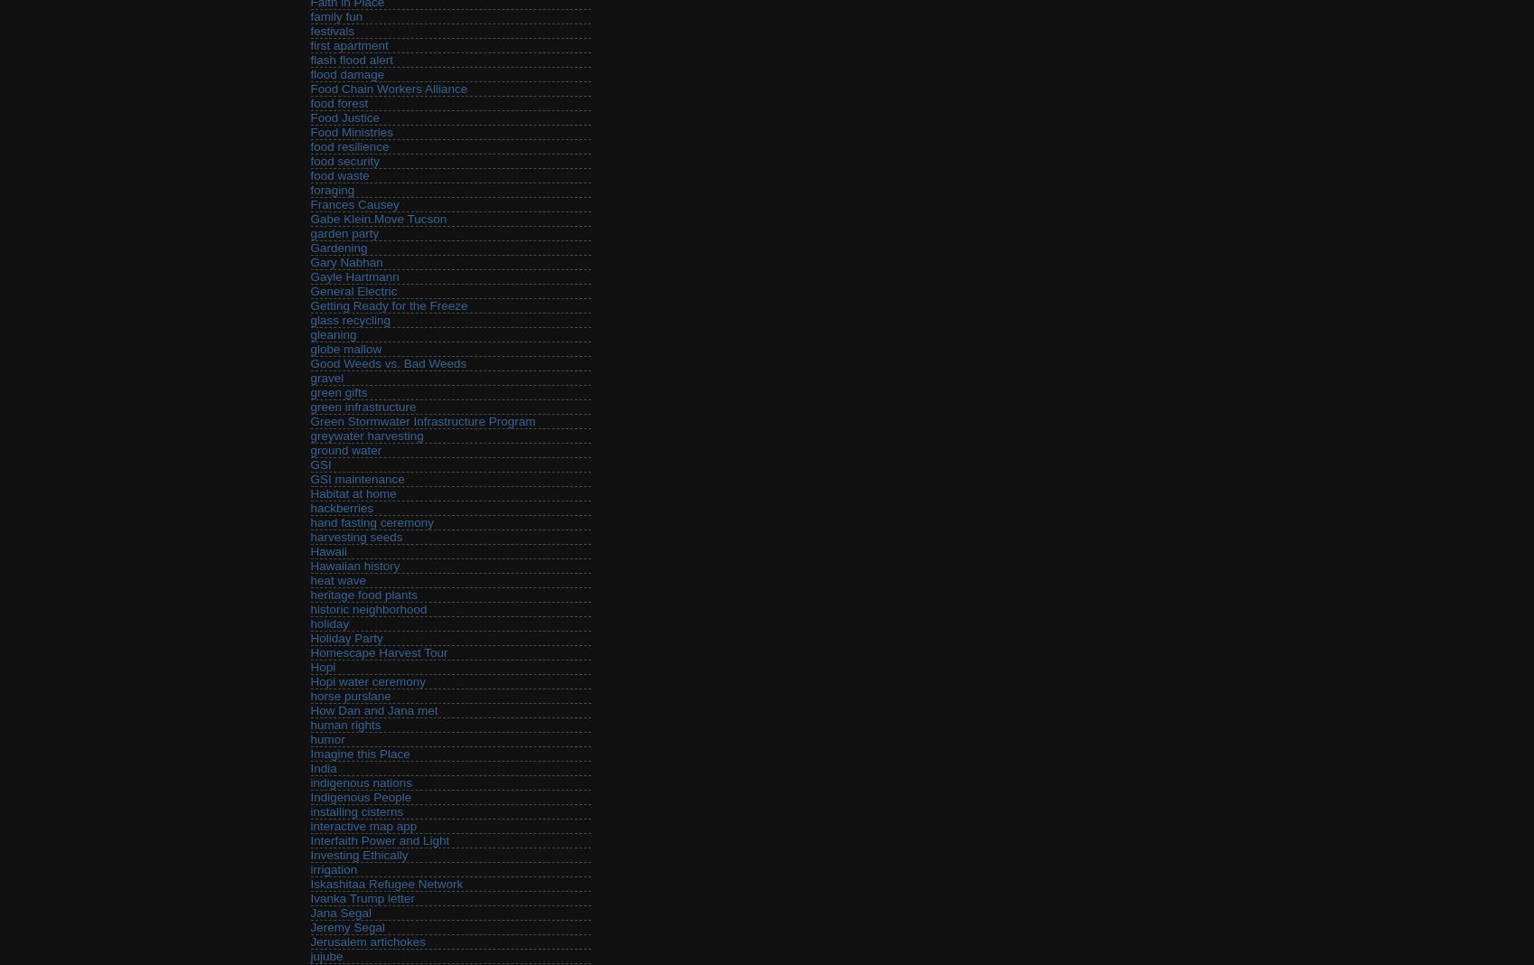 Image resolution: width=1534 pixels, height=965 pixels. I want to click on 'Getting Ready for the Freeze', so click(388, 304).